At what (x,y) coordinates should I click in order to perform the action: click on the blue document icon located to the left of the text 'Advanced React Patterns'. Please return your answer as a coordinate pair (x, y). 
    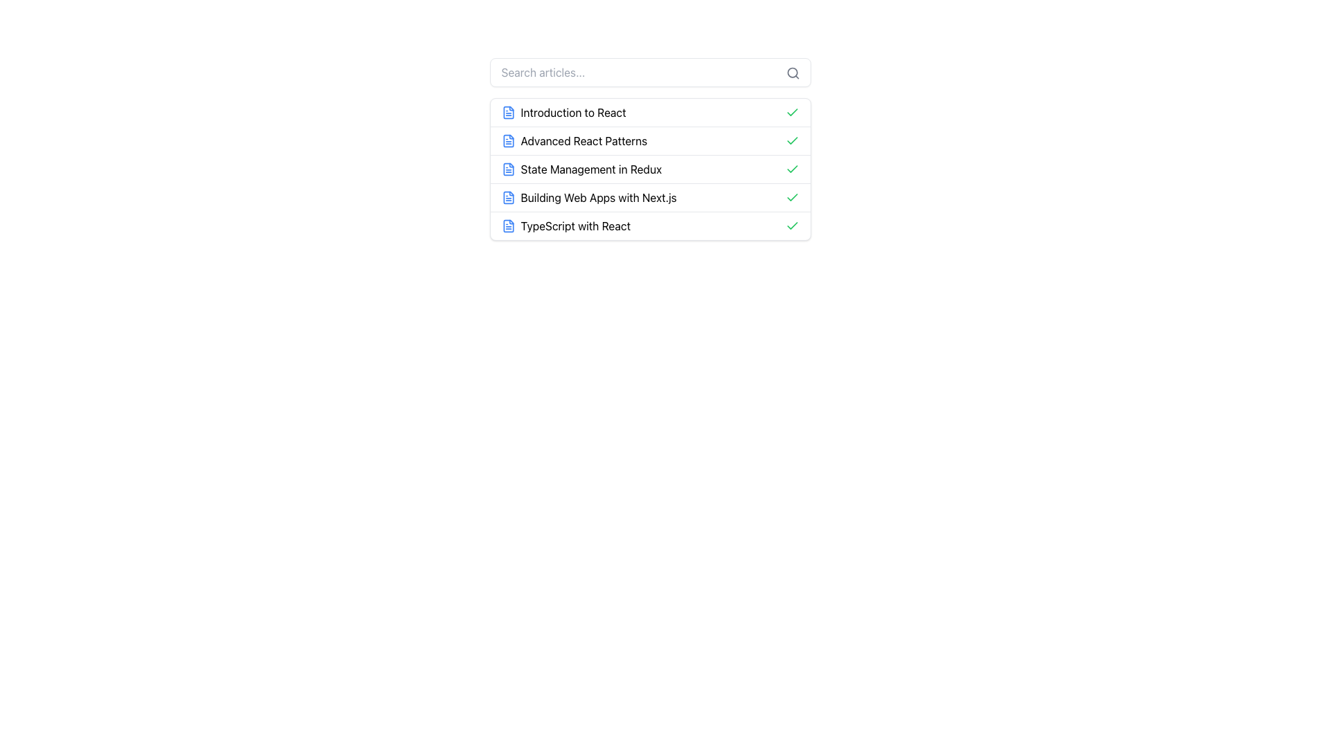
    Looking at the image, I should click on (507, 141).